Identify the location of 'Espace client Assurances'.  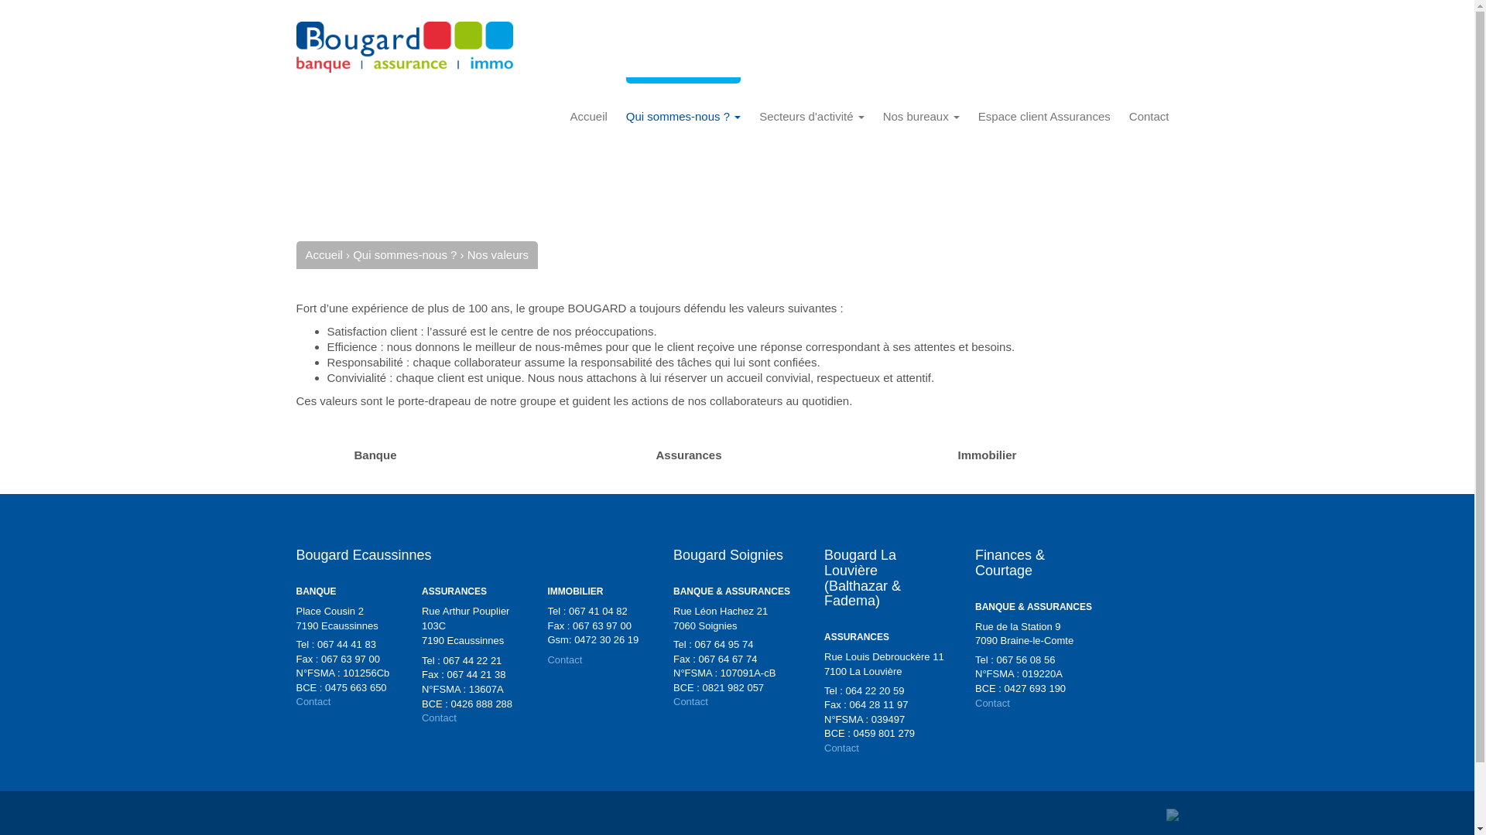
(977, 115).